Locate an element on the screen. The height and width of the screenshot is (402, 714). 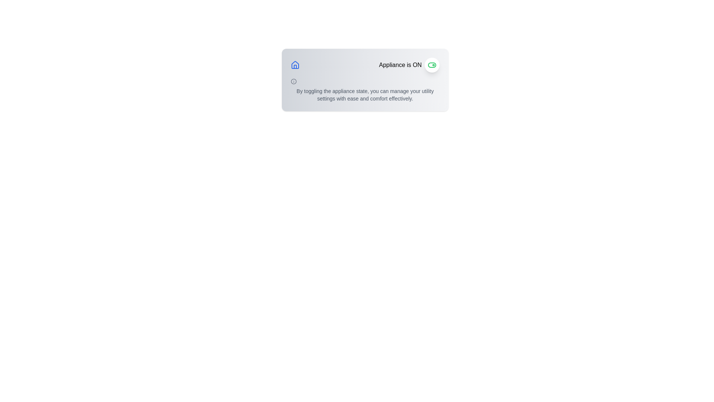
the static text element that indicates the current state of the appliance (ON), which is located to the left of a circular toggle button is located at coordinates (400, 64).